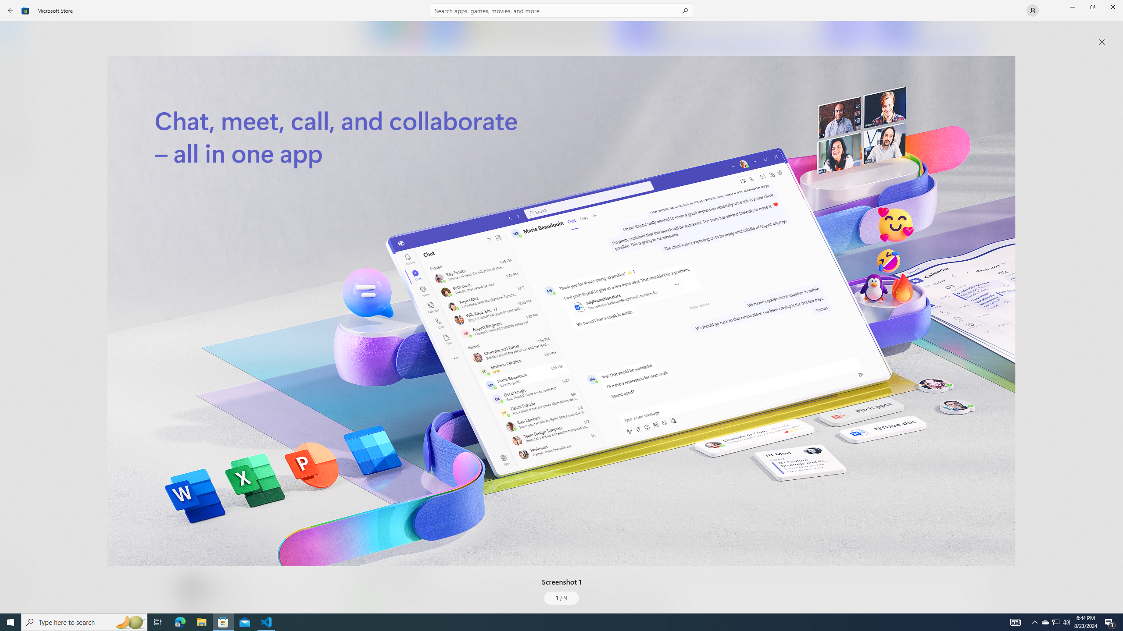 Image resolution: width=1123 pixels, height=631 pixels. What do you see at coordinates (1112, 7) in the screenshot?
I see `'Close Microsoft Store'` at bounding box center [1112, 7].